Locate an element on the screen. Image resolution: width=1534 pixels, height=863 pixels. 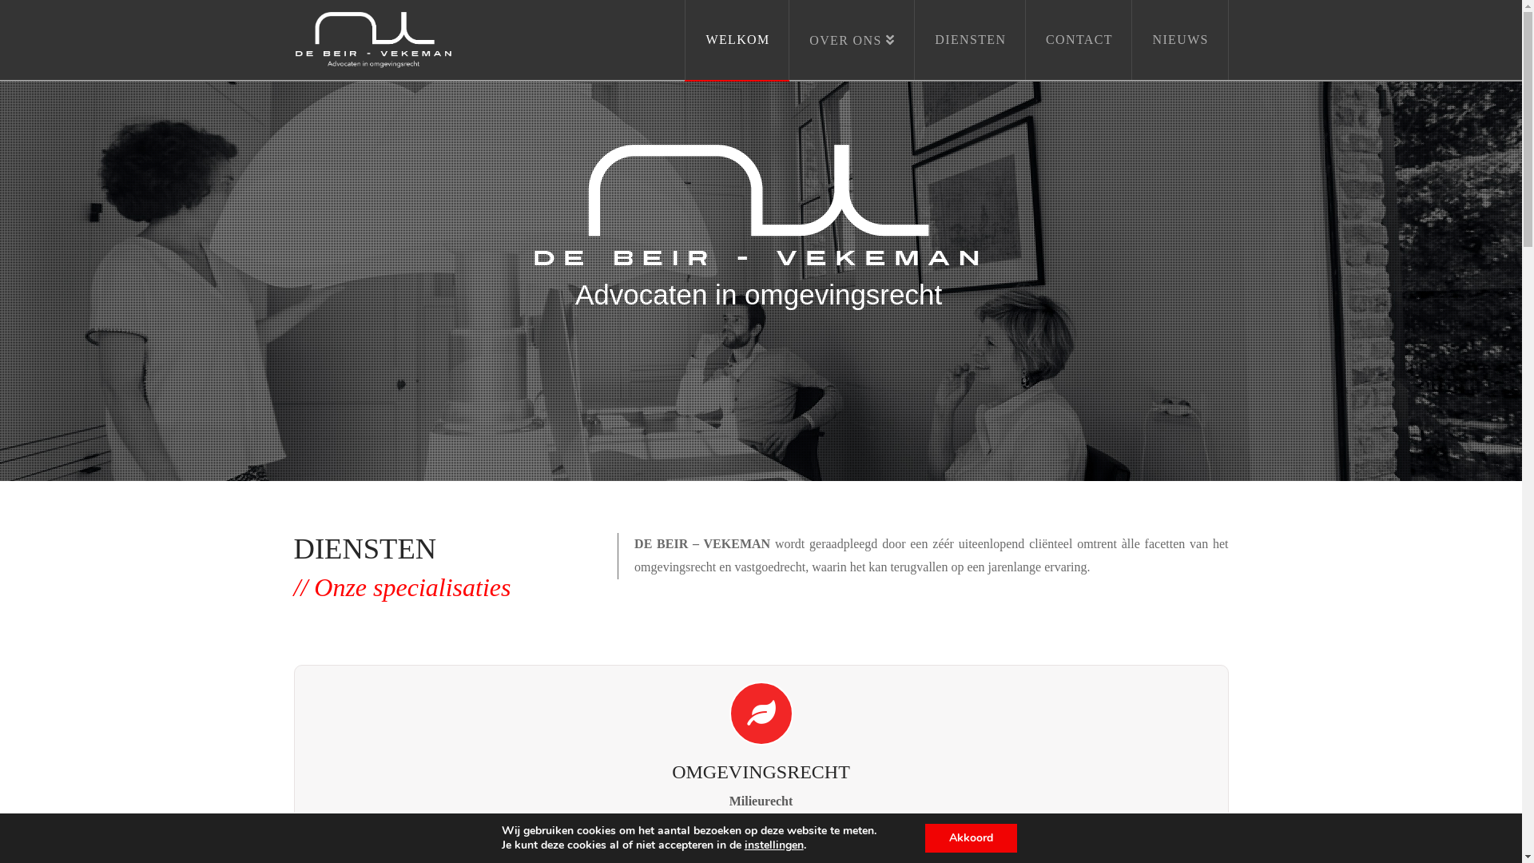
'NIEUWS' is located at coordinates (1180, 39).